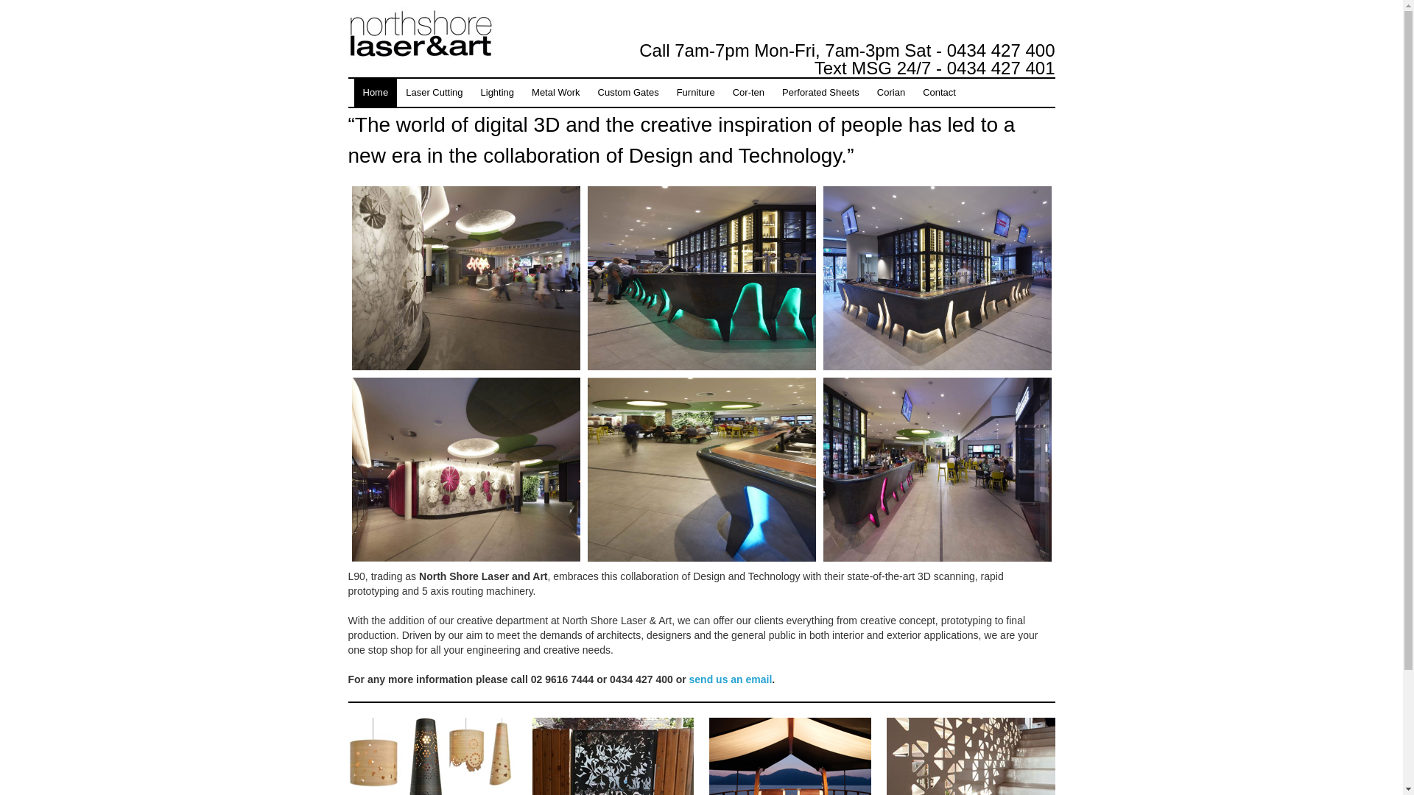 The width and height of the screenshot is (1414, 795). Describe the element at coordinates (353, 93) in the screenshot. I see `'Home'` at that location.